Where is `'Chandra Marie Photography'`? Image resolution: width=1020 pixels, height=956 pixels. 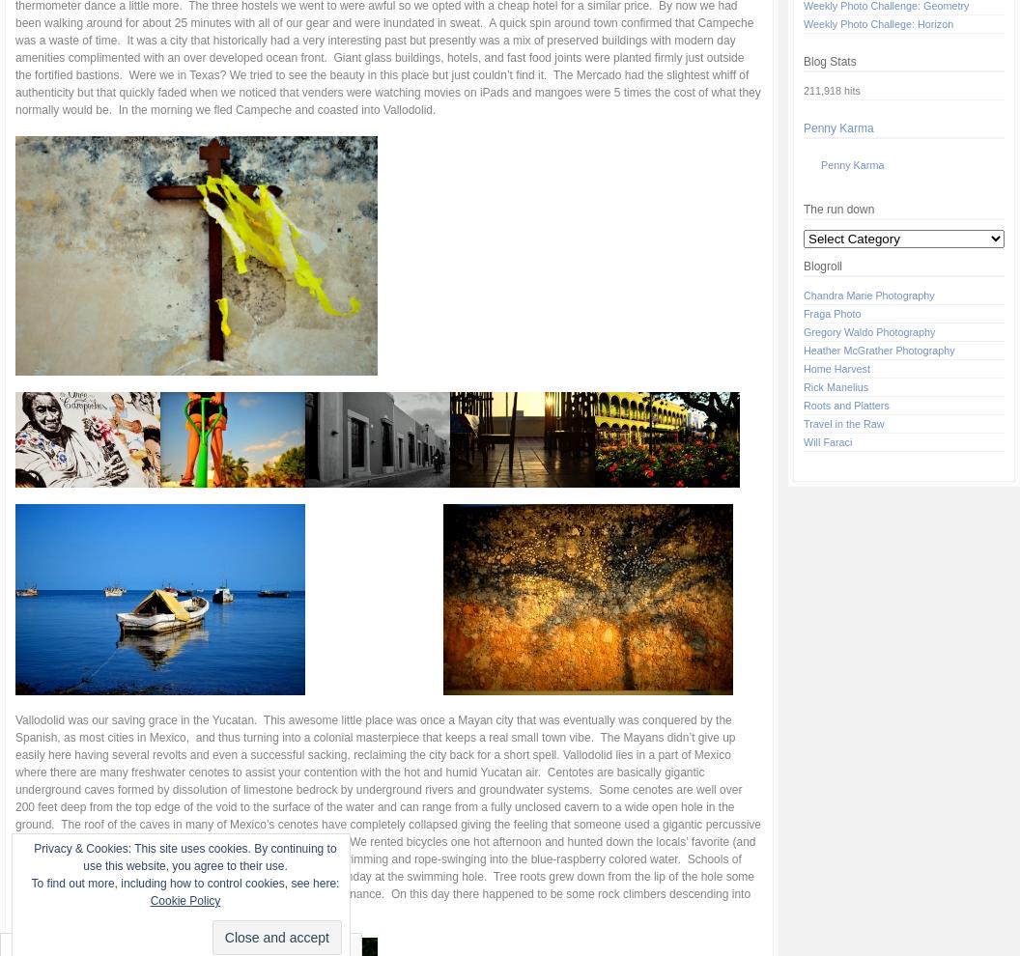 'Chandra Marie Photography' is located at coordinates (867, 295).